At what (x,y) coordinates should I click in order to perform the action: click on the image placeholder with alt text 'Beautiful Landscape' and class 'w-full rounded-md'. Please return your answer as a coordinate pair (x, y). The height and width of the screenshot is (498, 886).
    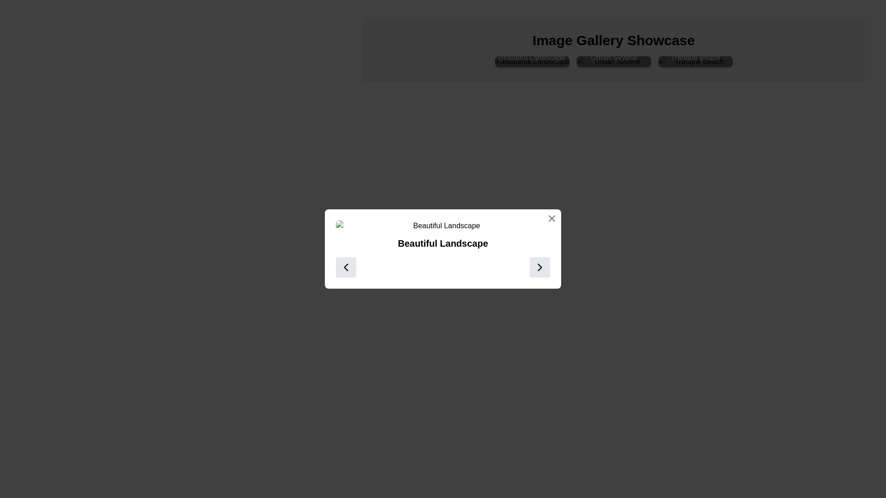
    Looking at the image, I should click on (443, 225).